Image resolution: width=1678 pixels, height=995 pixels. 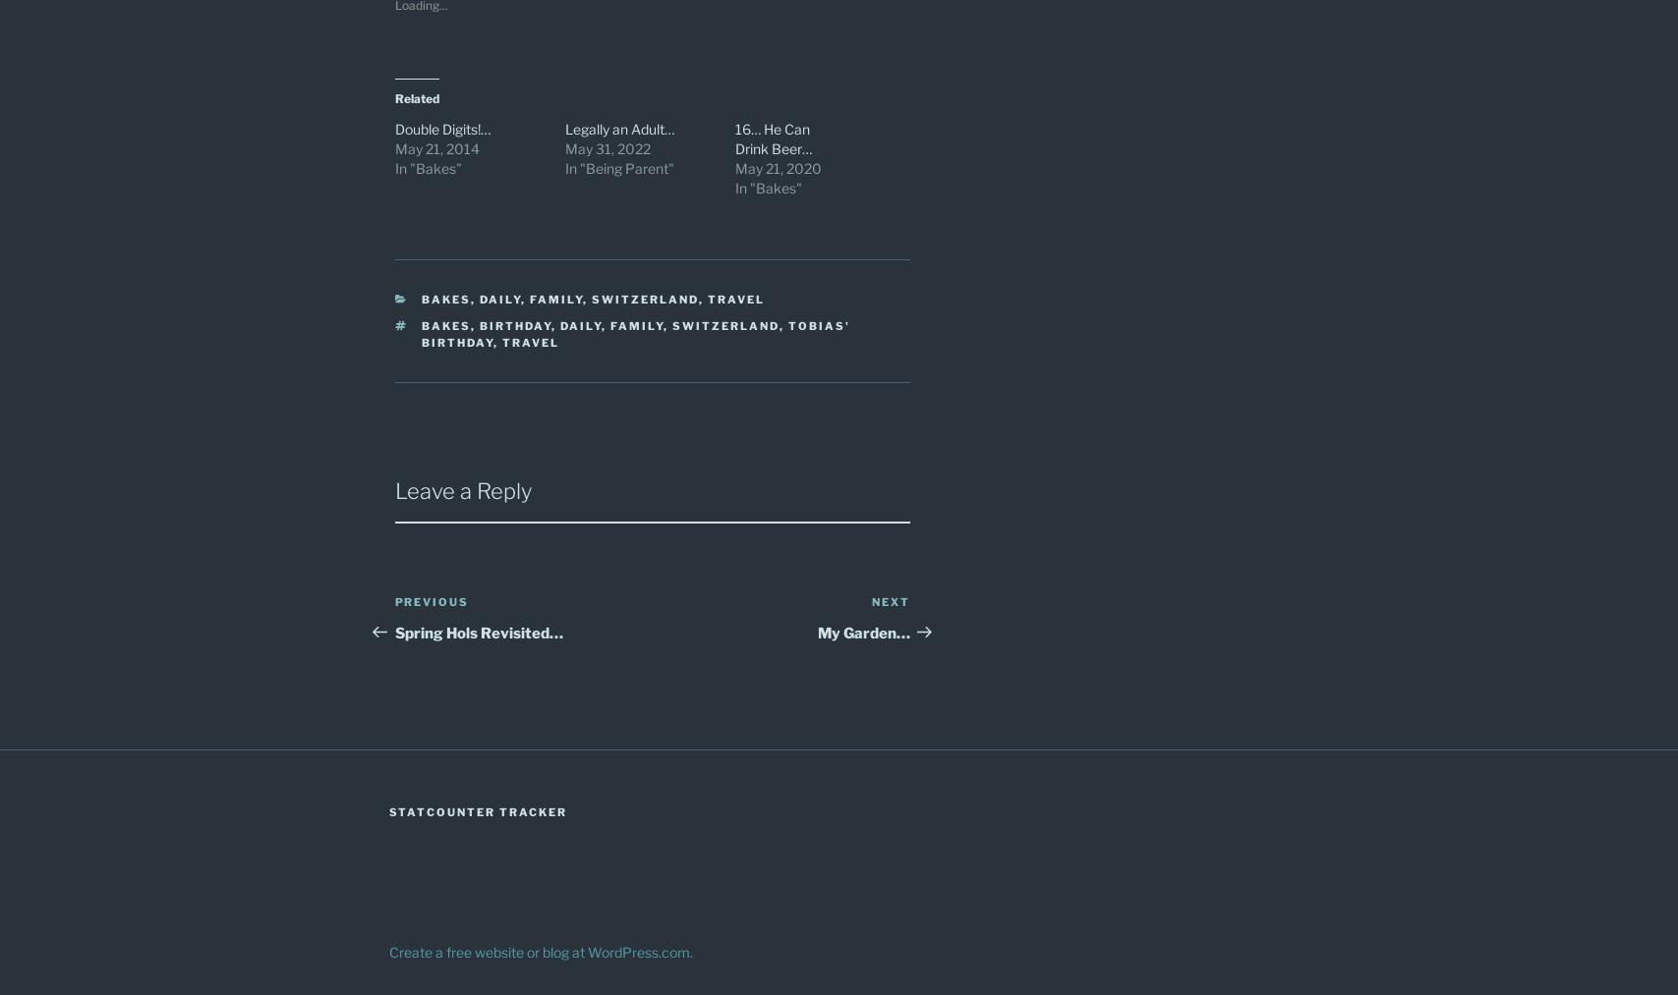 What do you see at coordinates (610, 325) in the screenshot?
I see `'family'` at bounding box center [610, 325].